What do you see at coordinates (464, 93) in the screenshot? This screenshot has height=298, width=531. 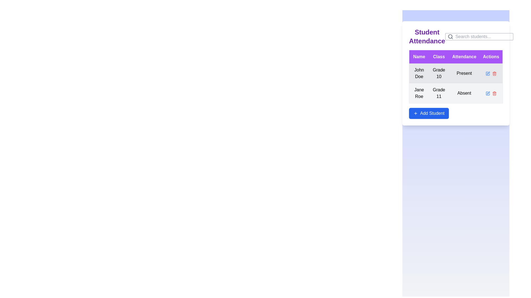 I see `the text label displaying 'Absent' for the student 'Jane Roe' in the 'Attendance' column of the 'Student Attendance' section` at bounding box center [464, 93].